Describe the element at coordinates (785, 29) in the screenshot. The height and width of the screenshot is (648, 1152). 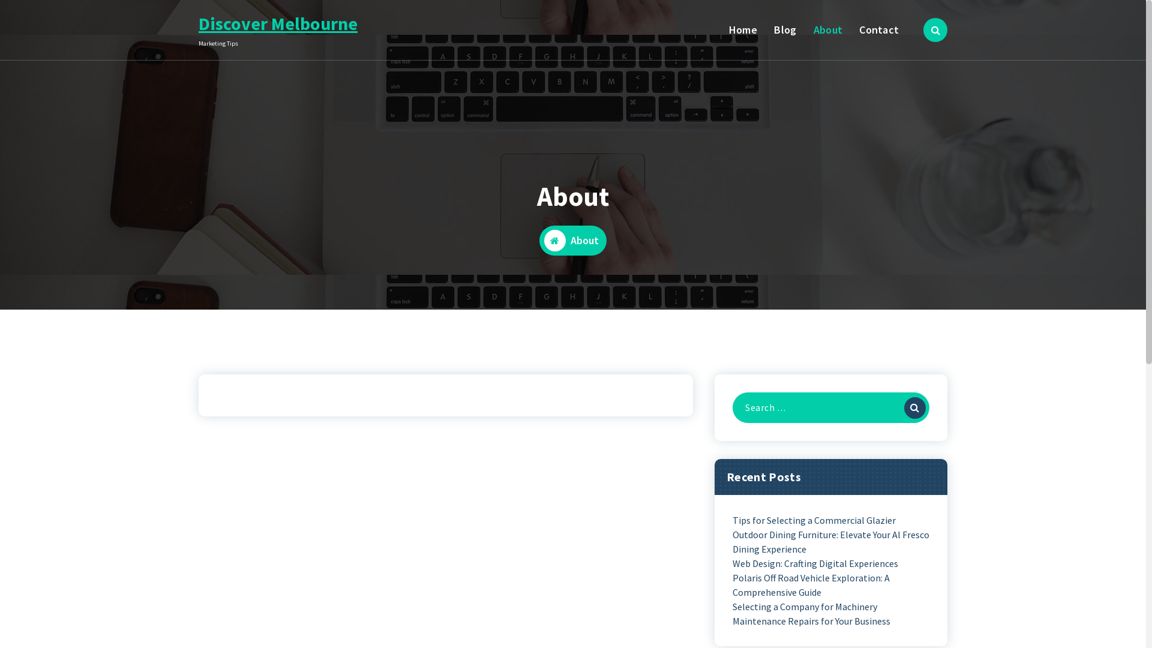
I see `'Blog'` at that location.